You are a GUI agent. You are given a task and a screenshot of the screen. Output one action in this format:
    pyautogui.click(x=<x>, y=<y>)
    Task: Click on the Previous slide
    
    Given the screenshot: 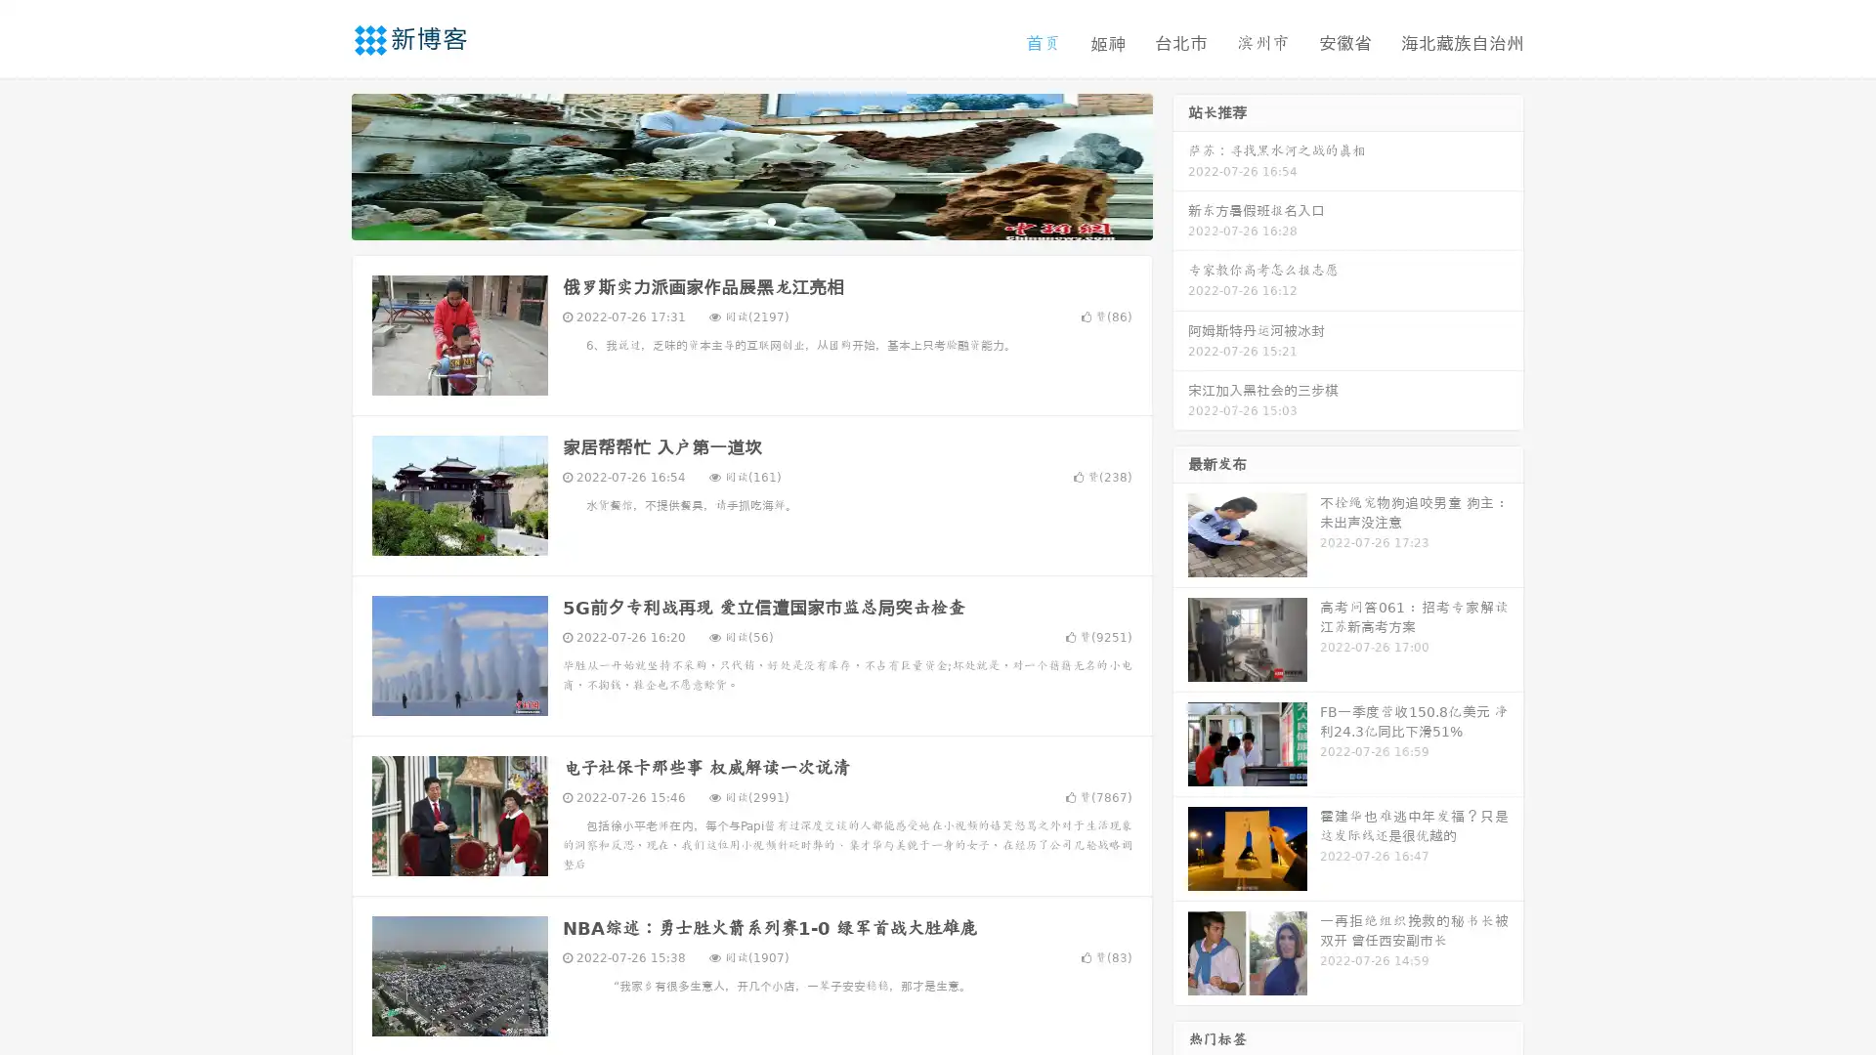 What is the action you would take?
    pyautogui.click(x=322, y=164)
    